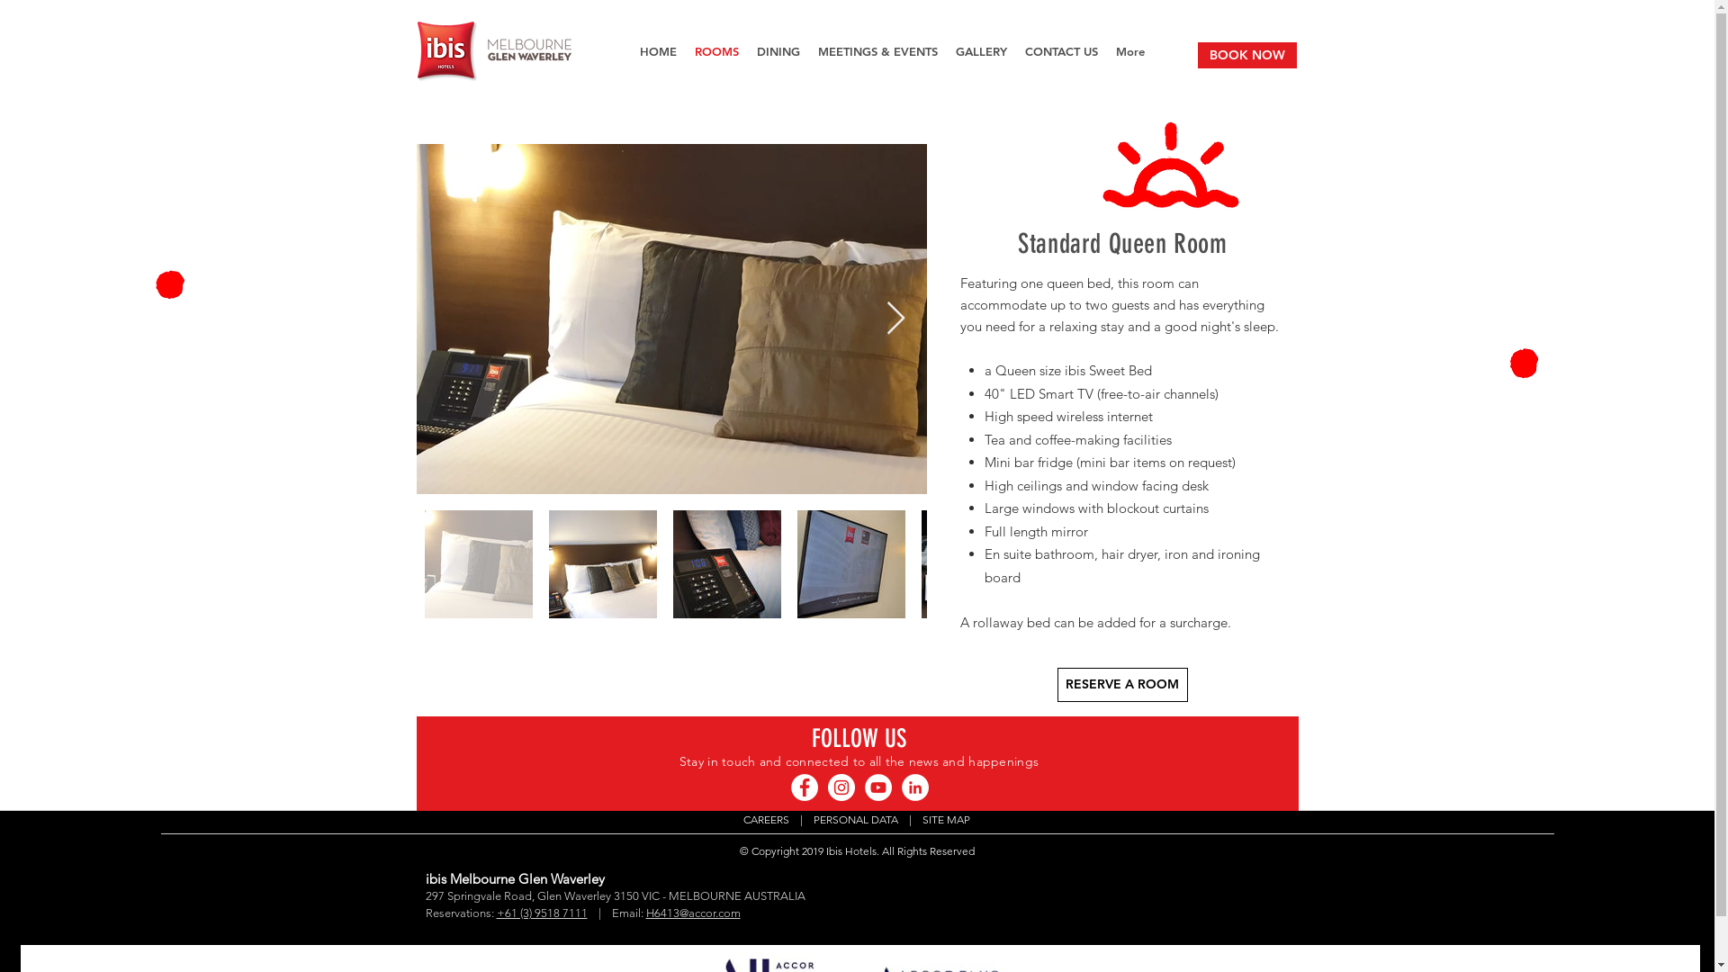 The image size is (1728, 972). I want to click on 'SITE MAP', so click(922, 819).